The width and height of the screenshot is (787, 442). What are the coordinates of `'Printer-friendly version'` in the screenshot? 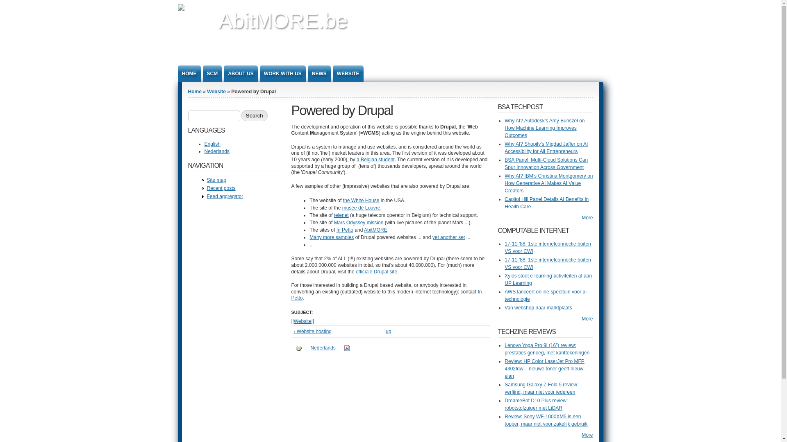 It's located at (298, 348).